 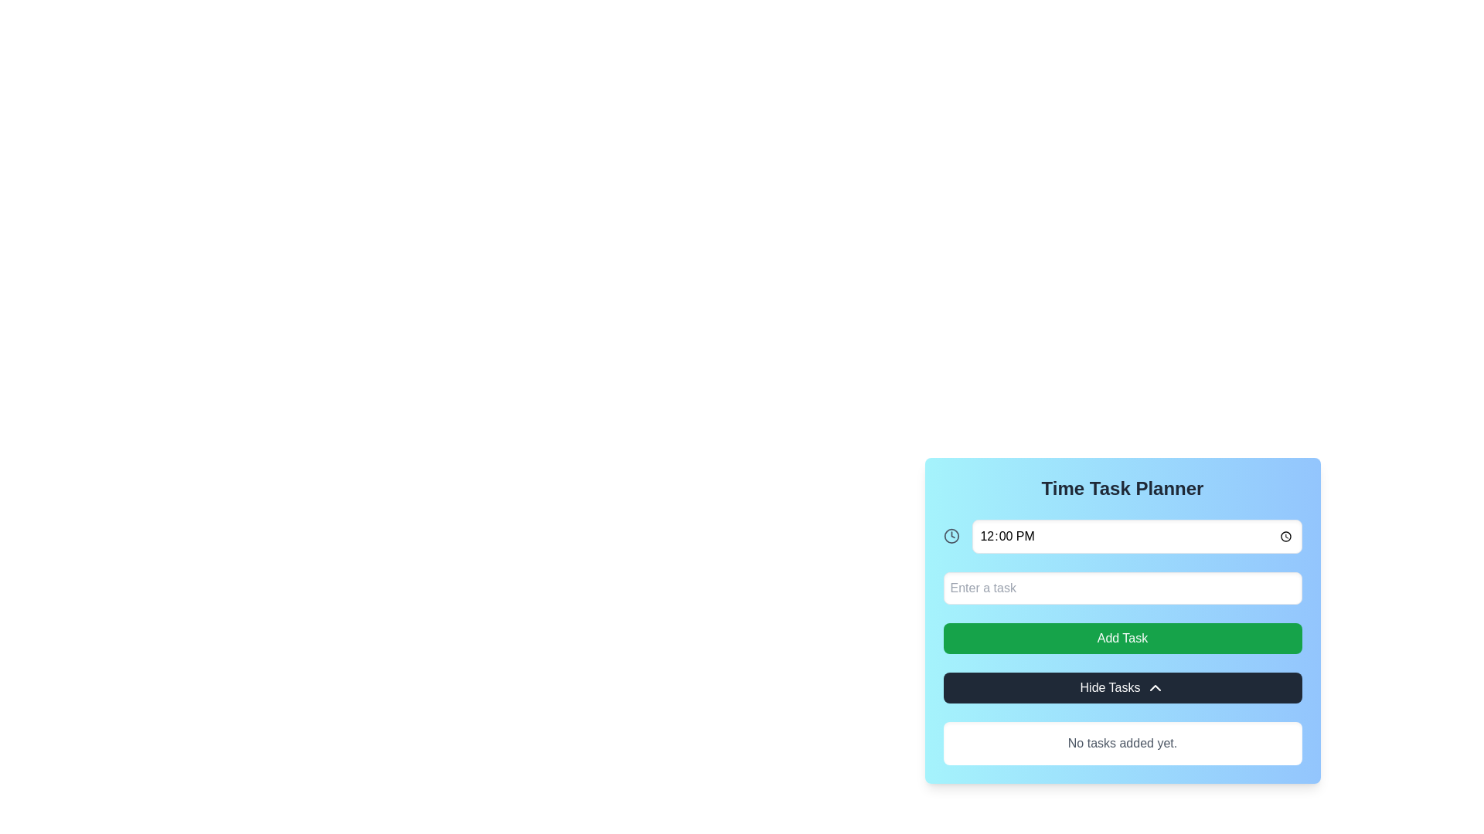 I want to click on the text label that reads 'No tasks added yet.' displayed in gray font at the bottom of the 'Time Task Planner' interface, so click(x=1122, y=743).